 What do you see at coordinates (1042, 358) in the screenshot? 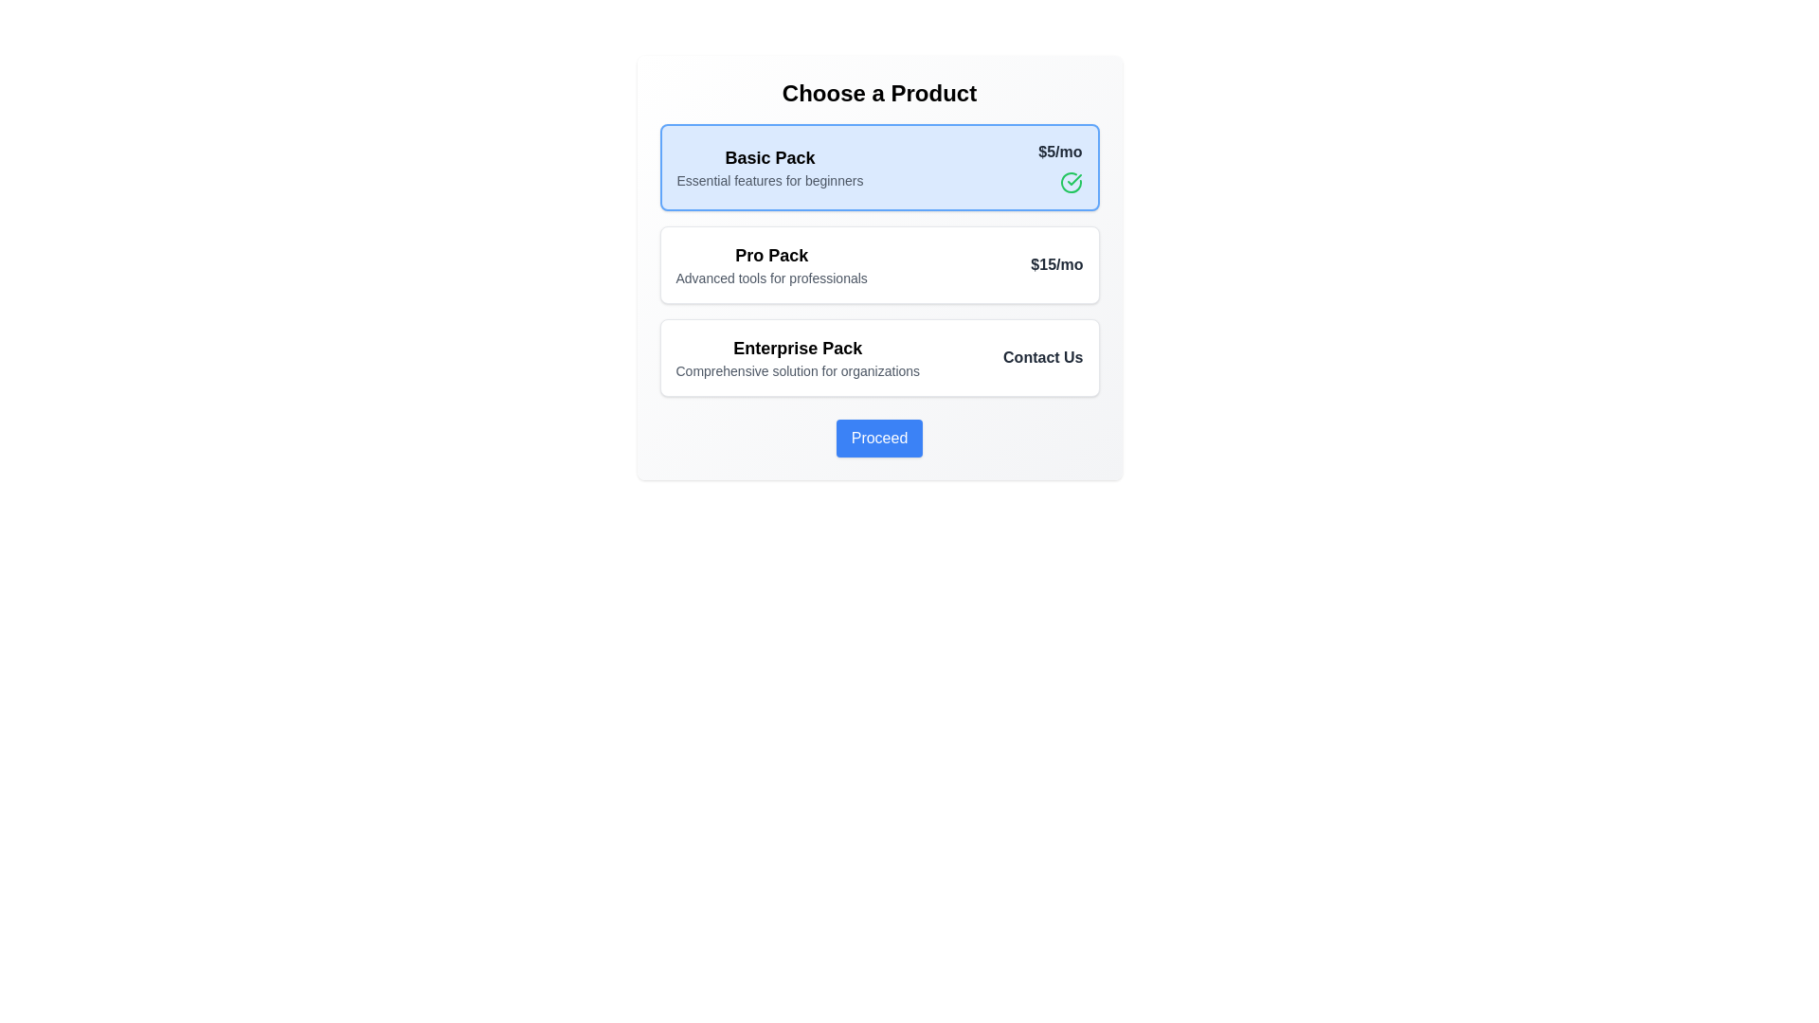
I see `the text label that serves as a call to action for contacting the service provider, located to the far right of the 'Enterprise Pack' section` at bounding box center [1042, 358].